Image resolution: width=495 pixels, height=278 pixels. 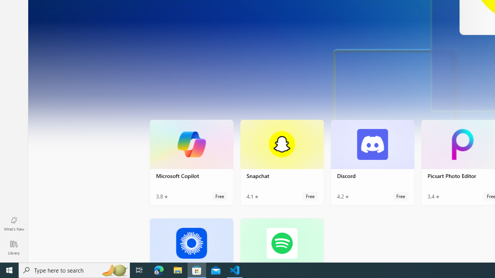 What do you see at coordinates (281, 162) in the screenshot?
I see `'Snapchat. Average rating of 4.1 out of five stars. Free  '` at bounding box center [281, 162].